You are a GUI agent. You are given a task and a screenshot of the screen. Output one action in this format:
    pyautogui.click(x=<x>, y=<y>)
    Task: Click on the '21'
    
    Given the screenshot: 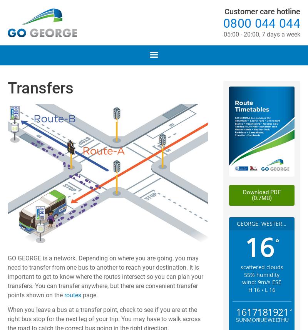 What is the action you would take?
    pyautogui.click(x=283, y=312)
    